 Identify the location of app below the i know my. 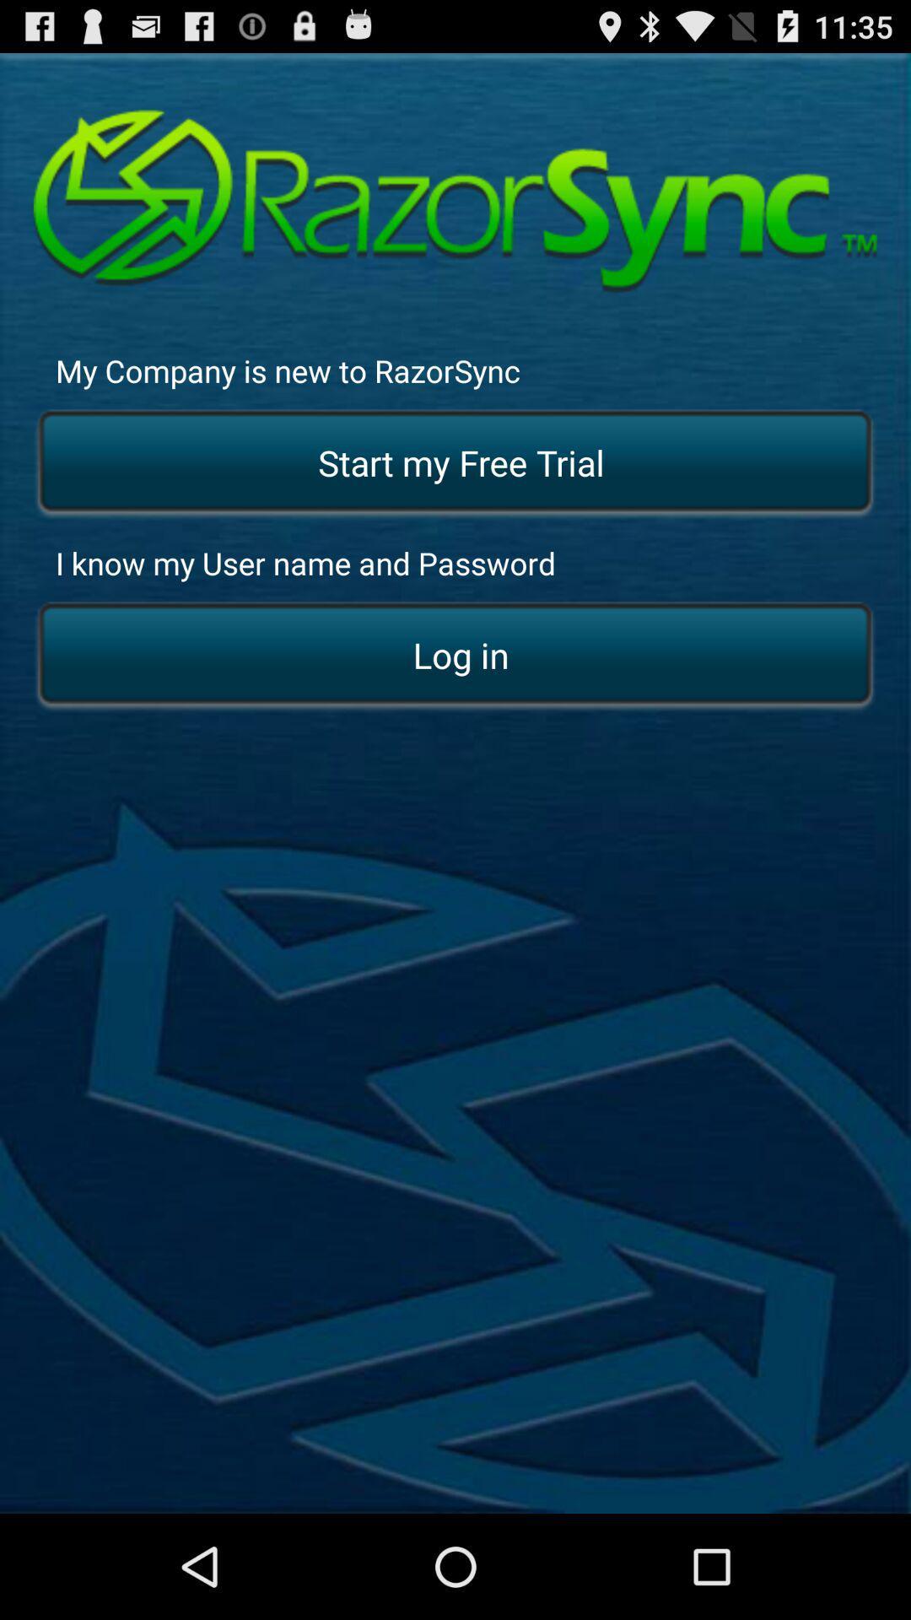
(455, 656).